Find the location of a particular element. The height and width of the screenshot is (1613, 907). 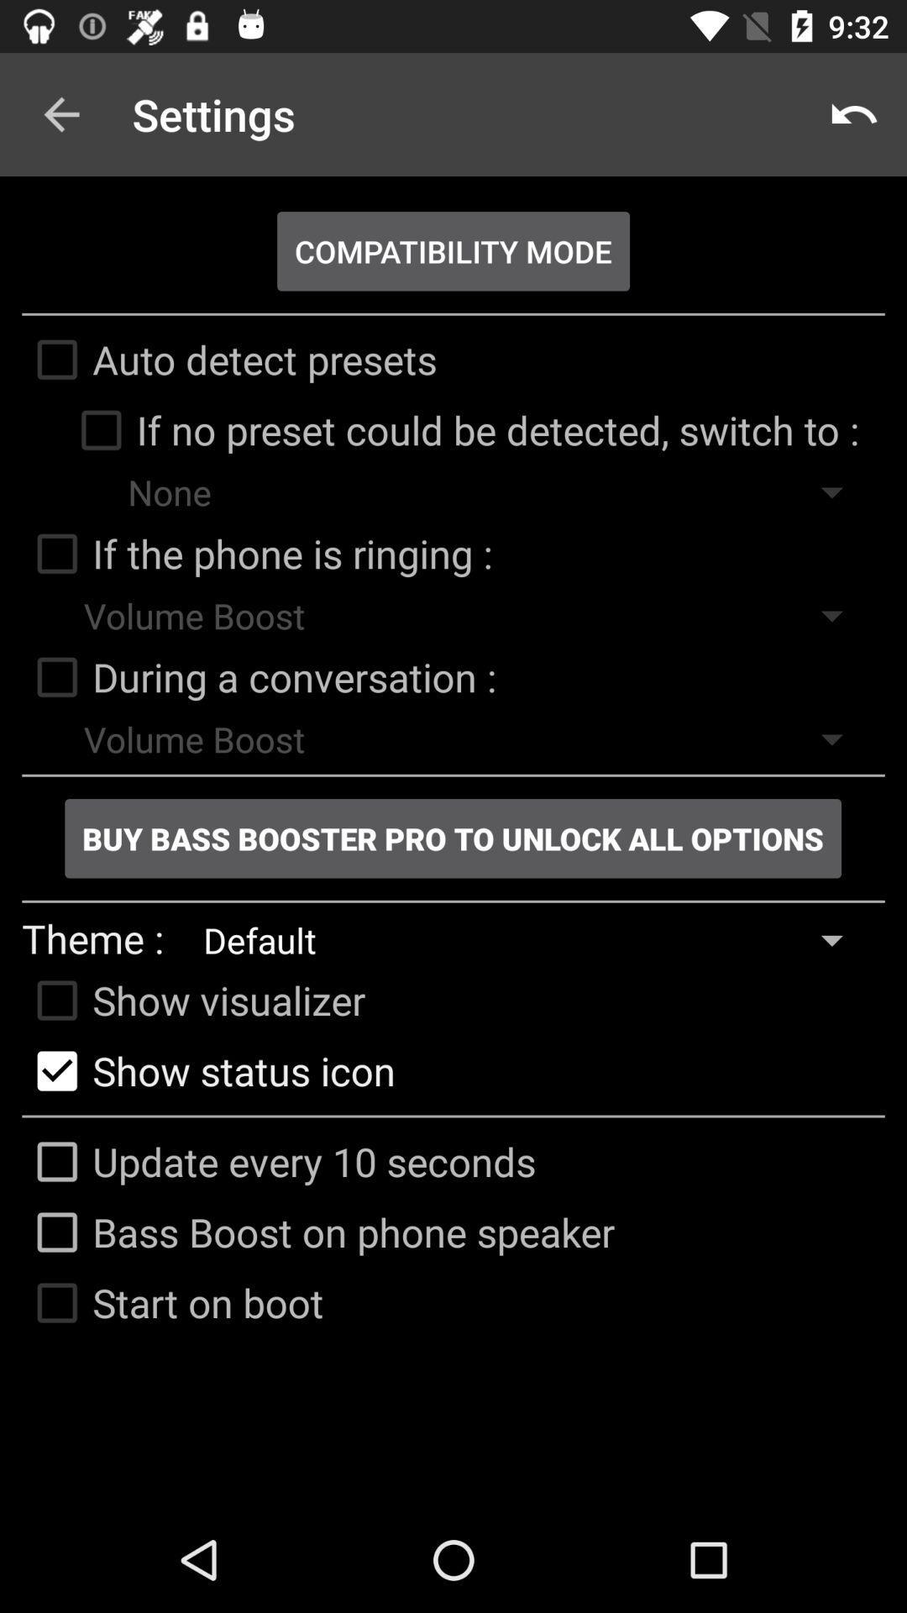

the compatibility mode item is located at coordinates (453, 250).